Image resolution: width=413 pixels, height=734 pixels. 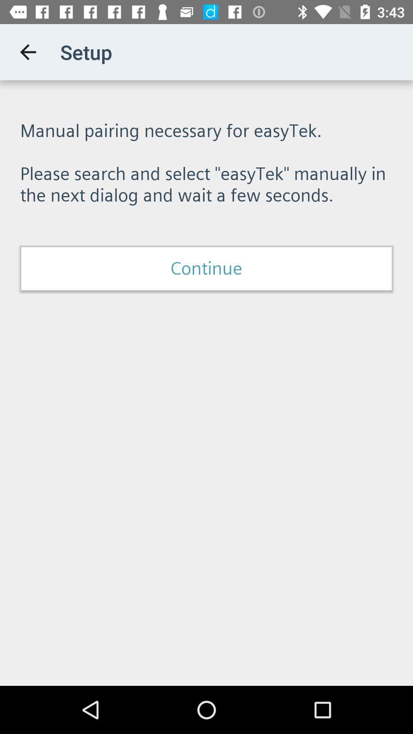 I want to click on app next to the setup, so click(x=28, y=52).